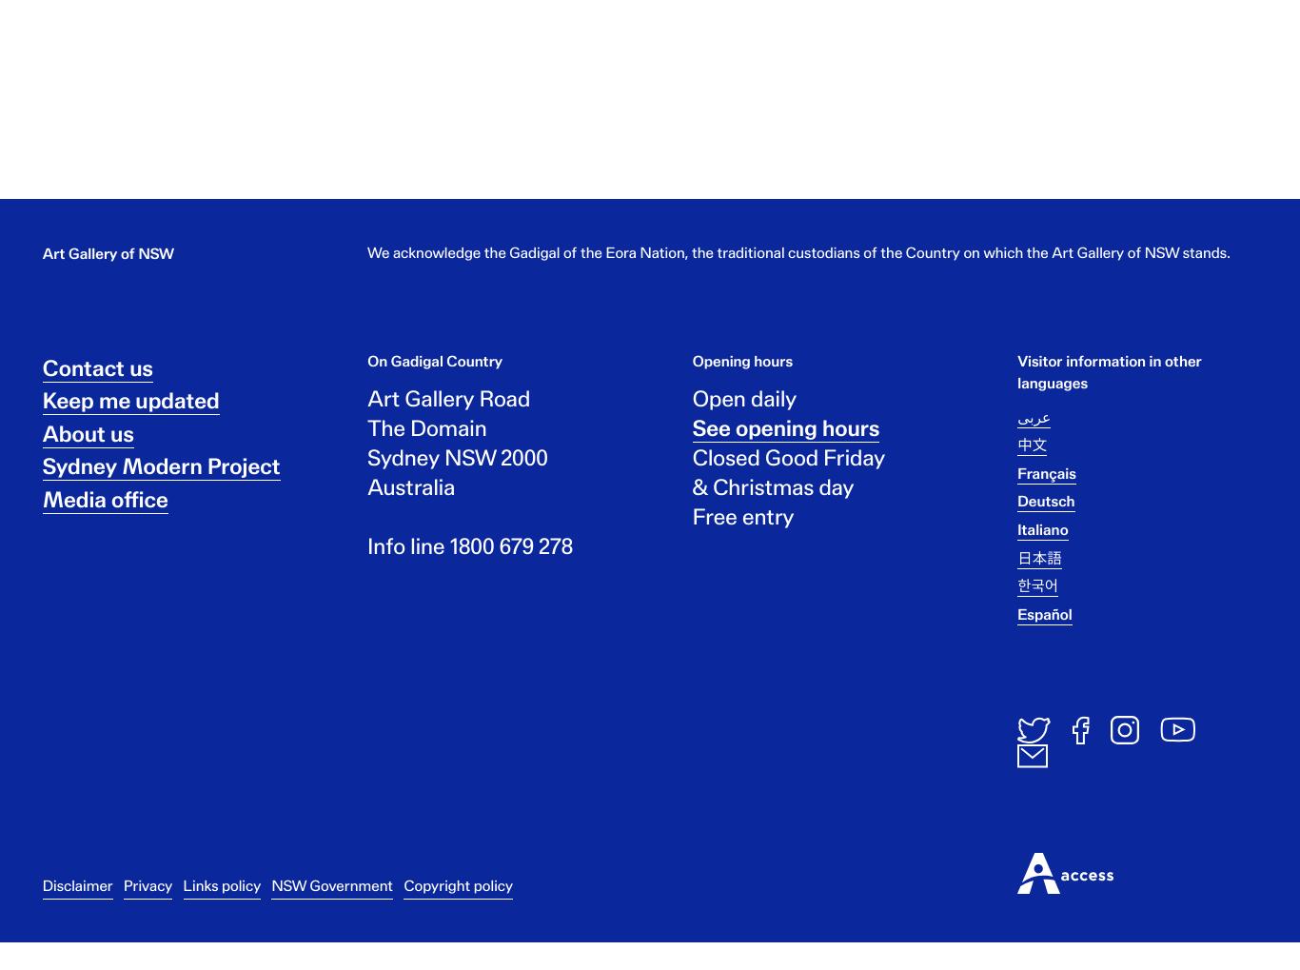 The width and height of the screenshot is (1300, 970). What do you see at coordinates (1043, 629) in the screenshot?
I see `'Español'` at bounding box center [1043, 629].